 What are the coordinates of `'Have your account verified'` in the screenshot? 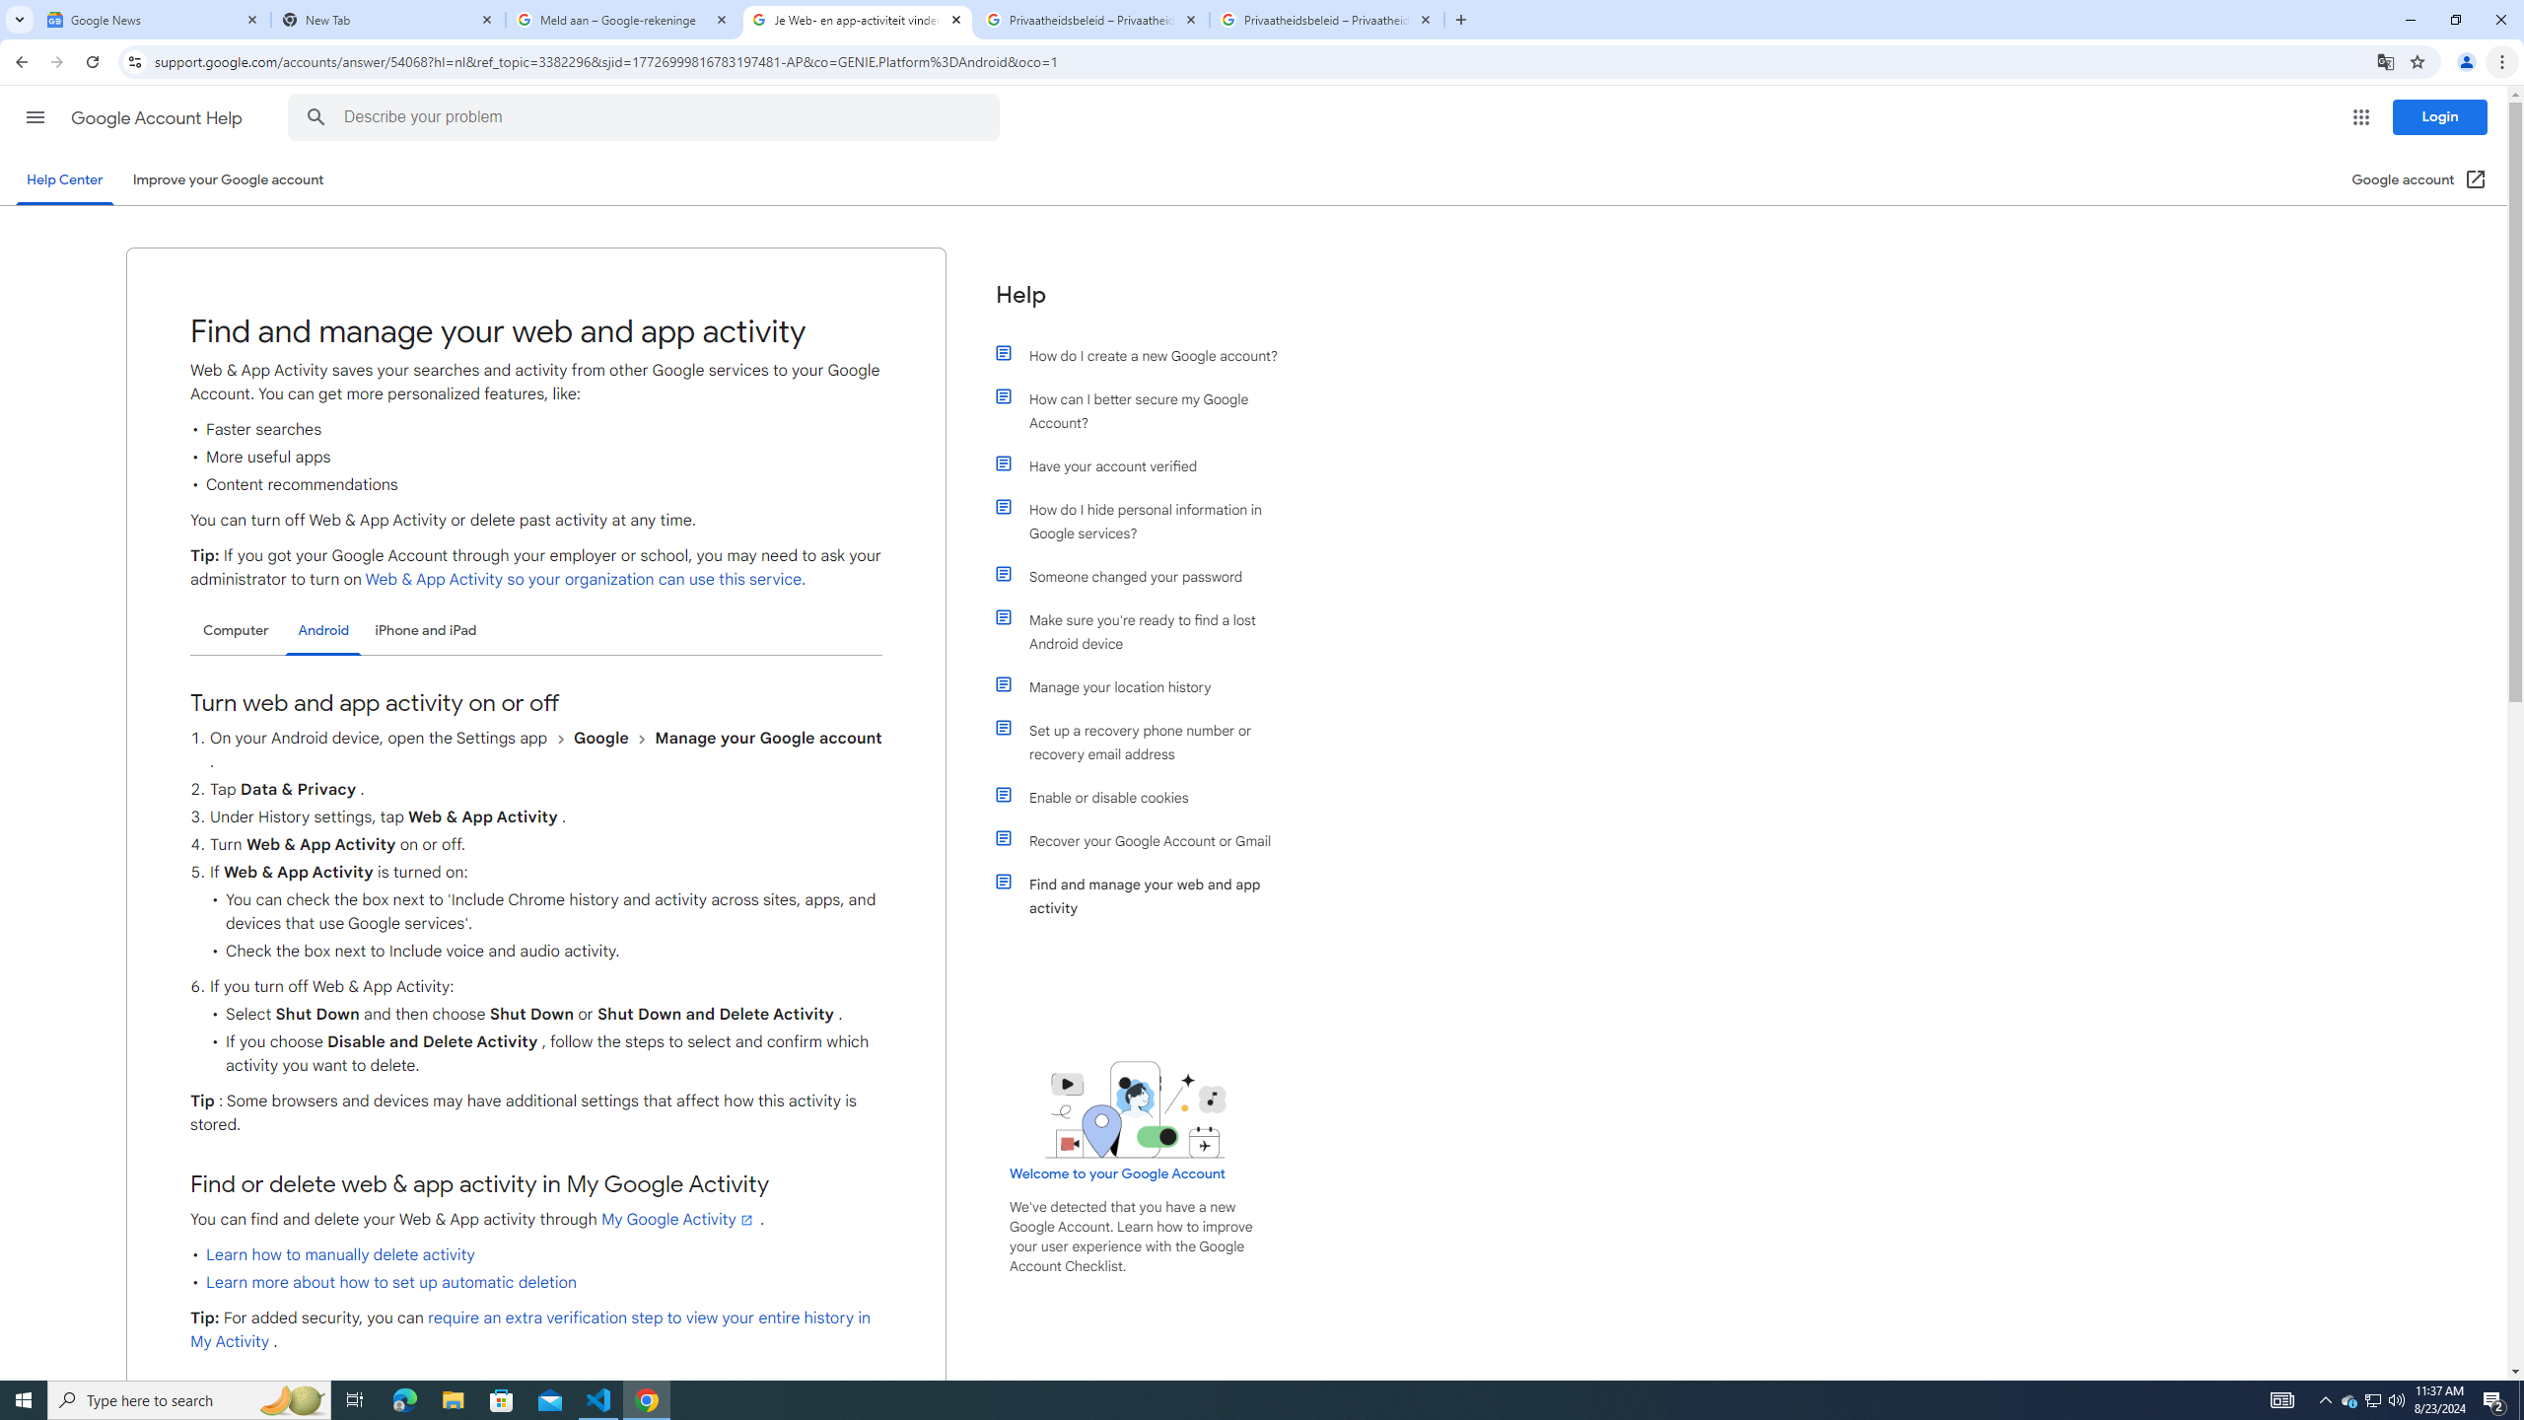 It's located at (1146, 465).